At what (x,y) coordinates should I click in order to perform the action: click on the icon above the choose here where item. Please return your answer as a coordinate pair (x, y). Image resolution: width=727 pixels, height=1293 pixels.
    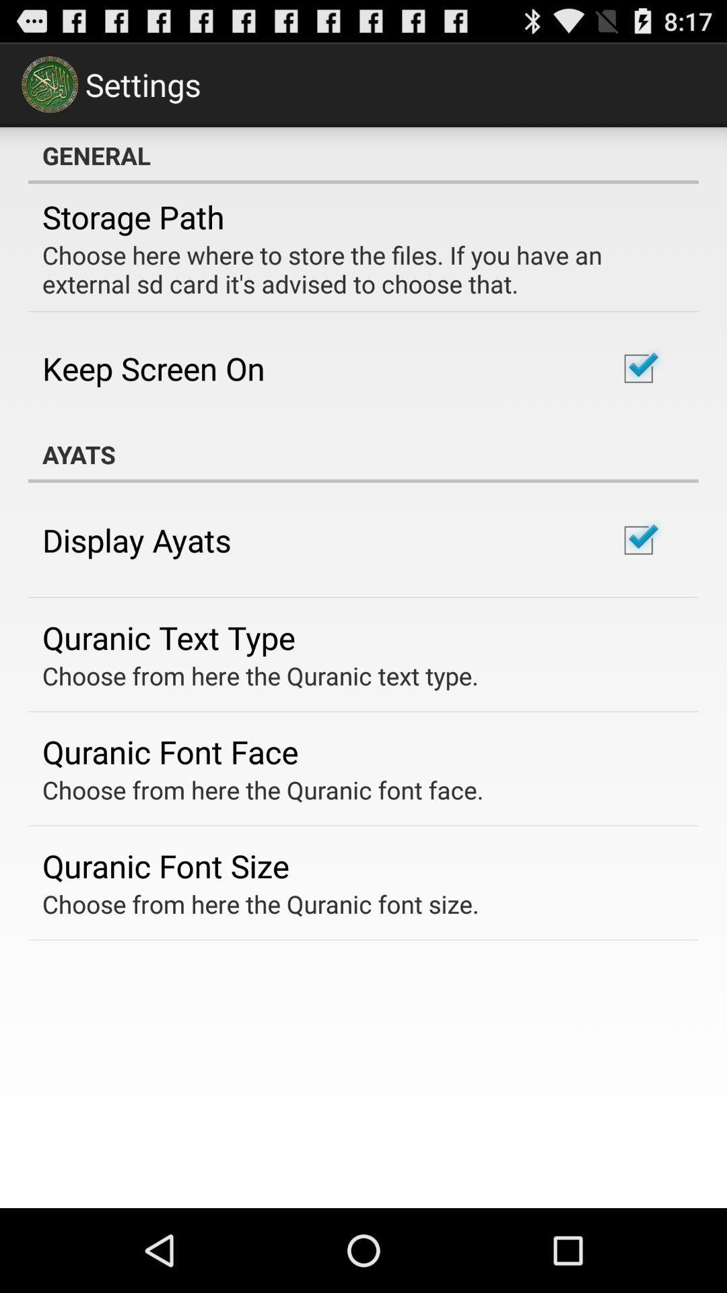
    Looking at the image, I should click on (133, 217).